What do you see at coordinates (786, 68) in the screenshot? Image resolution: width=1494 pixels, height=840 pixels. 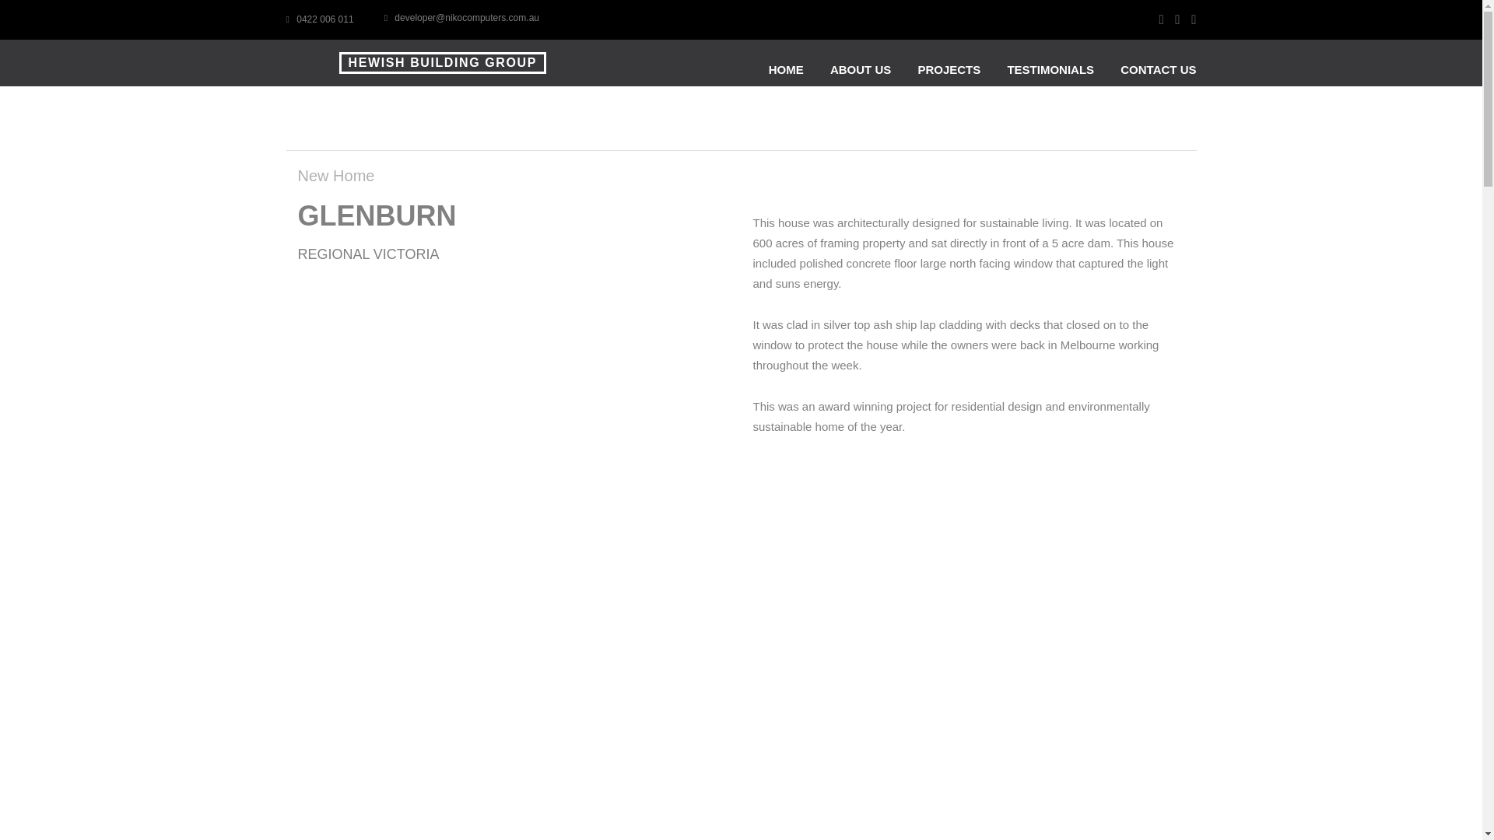 I see `'HOME'` at bounding box center [786, 68].